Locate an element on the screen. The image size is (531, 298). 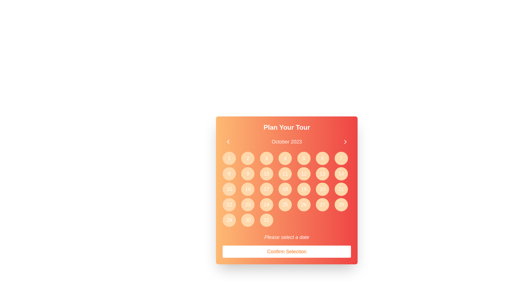
the title text display indicating the currently selected month and year in the calendar interface is located at coordinates (287, 141).